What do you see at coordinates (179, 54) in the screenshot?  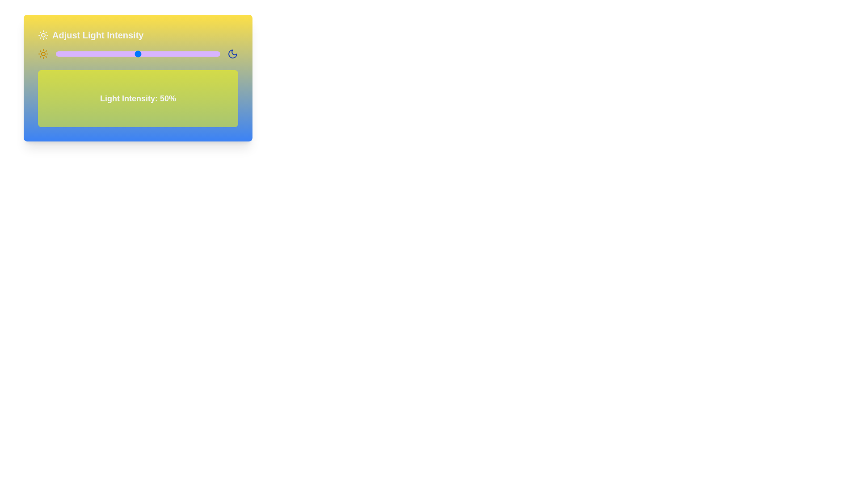 I see `the light intensity slider to 75% to observe the corresponding background changes` at bounding box center [179, 54].